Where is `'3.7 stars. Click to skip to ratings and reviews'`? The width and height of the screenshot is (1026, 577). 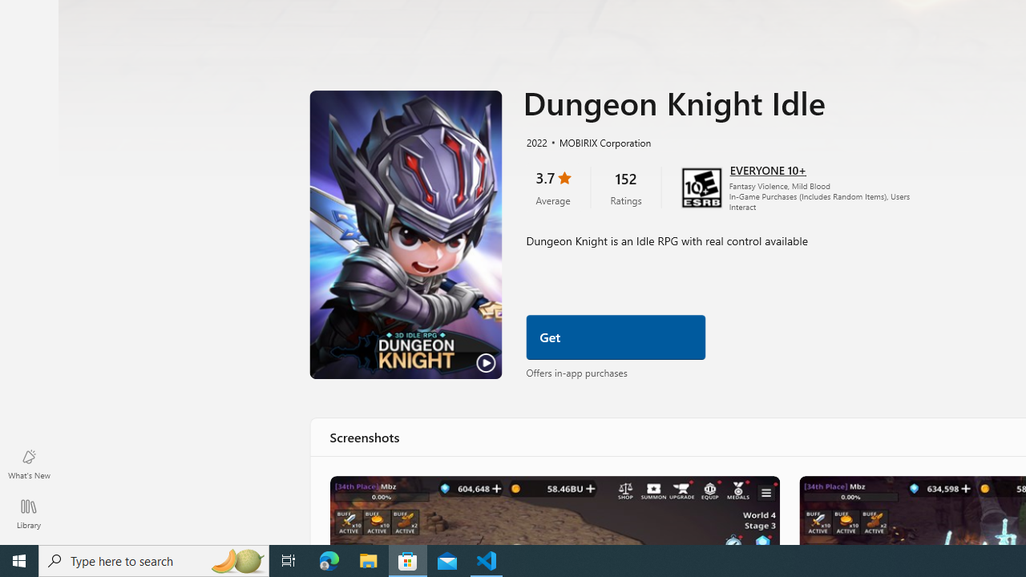 '3.7 stars. Click to skip to ratings and reviews' is located at coordinates (552, 185).